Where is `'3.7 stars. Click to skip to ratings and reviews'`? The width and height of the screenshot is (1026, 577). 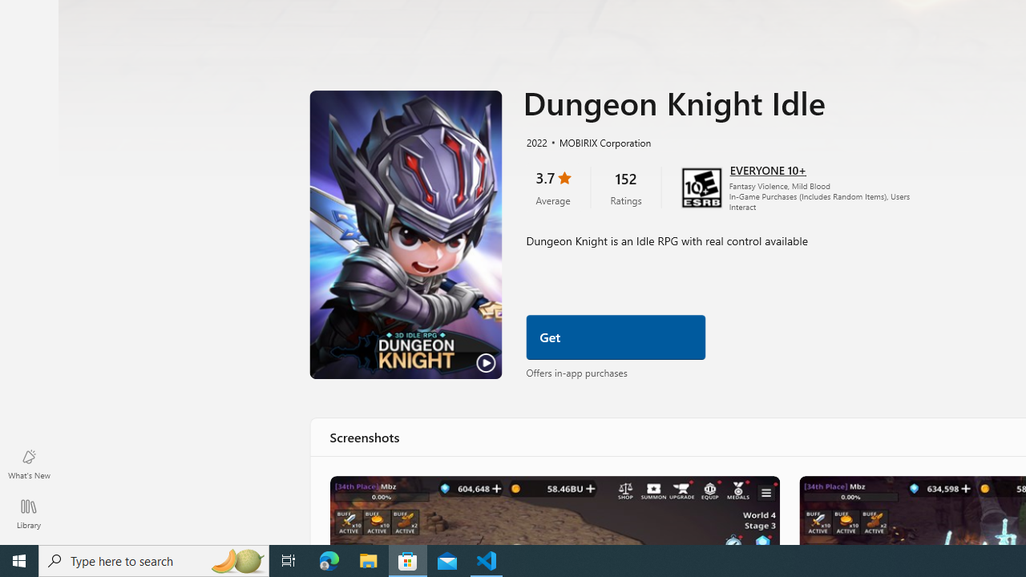 '3.7 stars. Click to skip to ratings and reviews' is located at coordinates (552, 185).